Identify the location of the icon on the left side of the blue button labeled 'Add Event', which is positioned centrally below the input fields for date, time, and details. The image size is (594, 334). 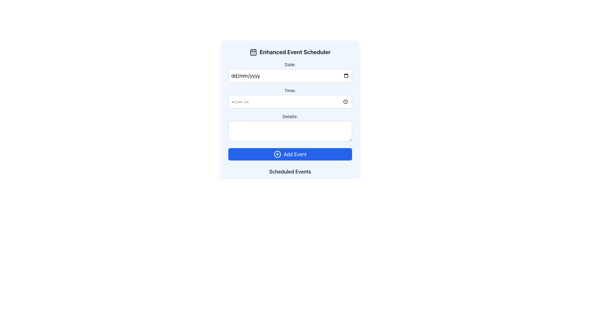
(277, 154).